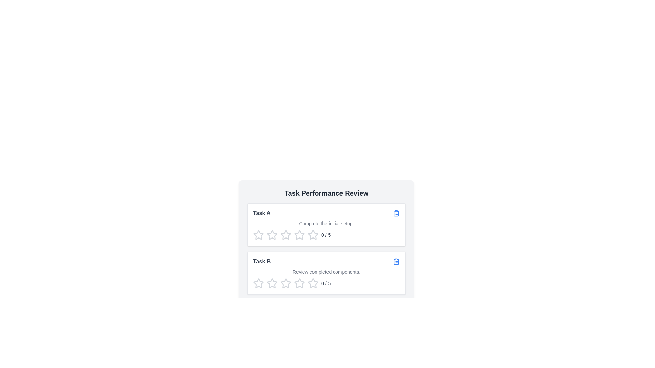 The width and height of the screenshot is (655, 368). Describe the element at coordinates (326, 225) in the screenshot. I see `the first task card in the task review system for keyboard interaction` at that location.